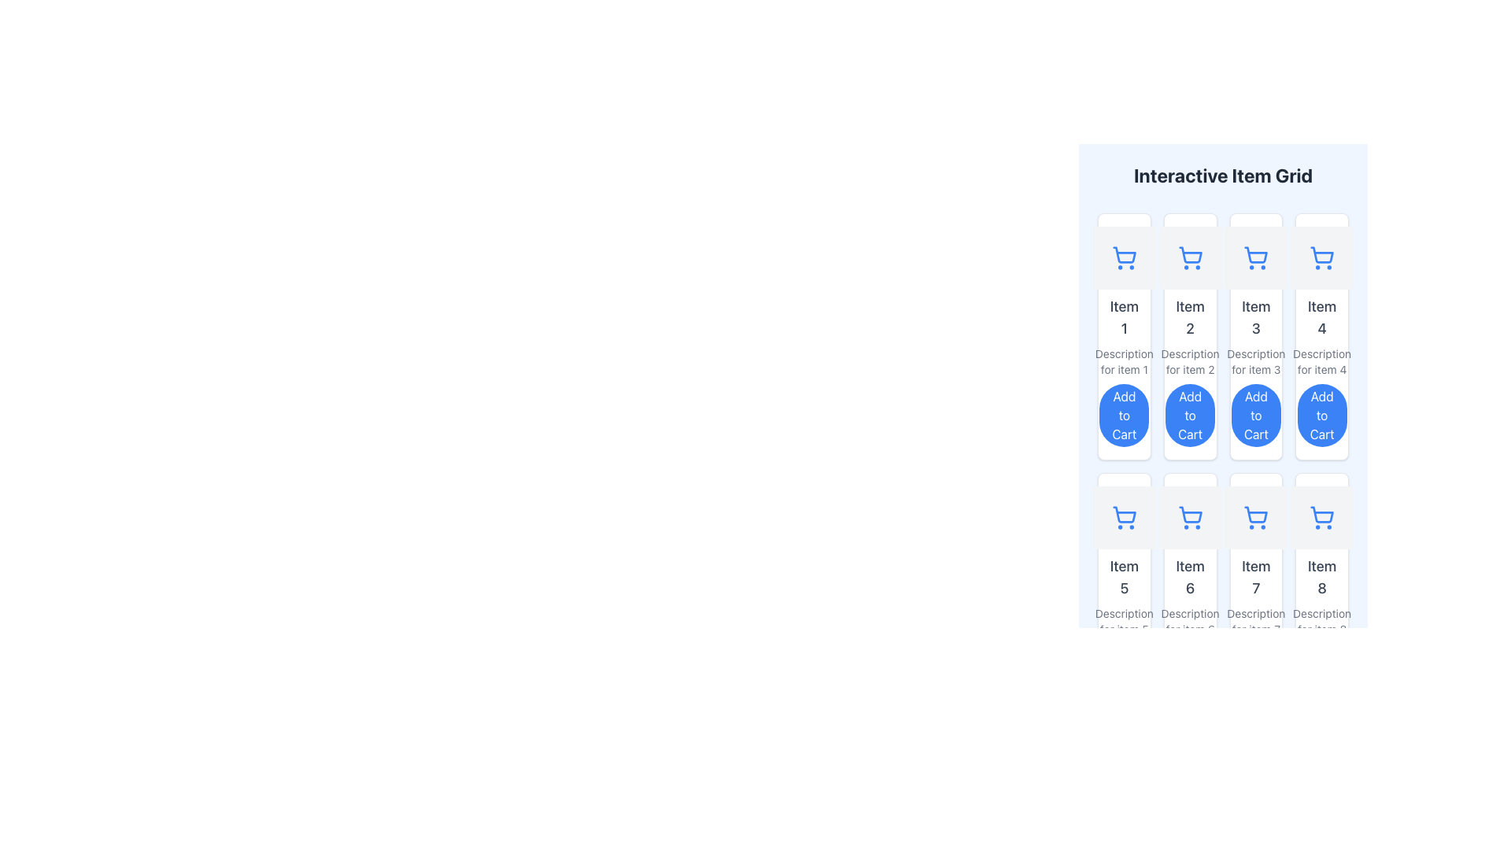 The image size is (1511, 850). What do you see at coordinates (1322, 336) in the screenshot?
I see `the 'Add to Cart' button on the Product Card representing Item 4, which is the fourth card in the top row of a grid layout` at bounding box center [1322, 336].